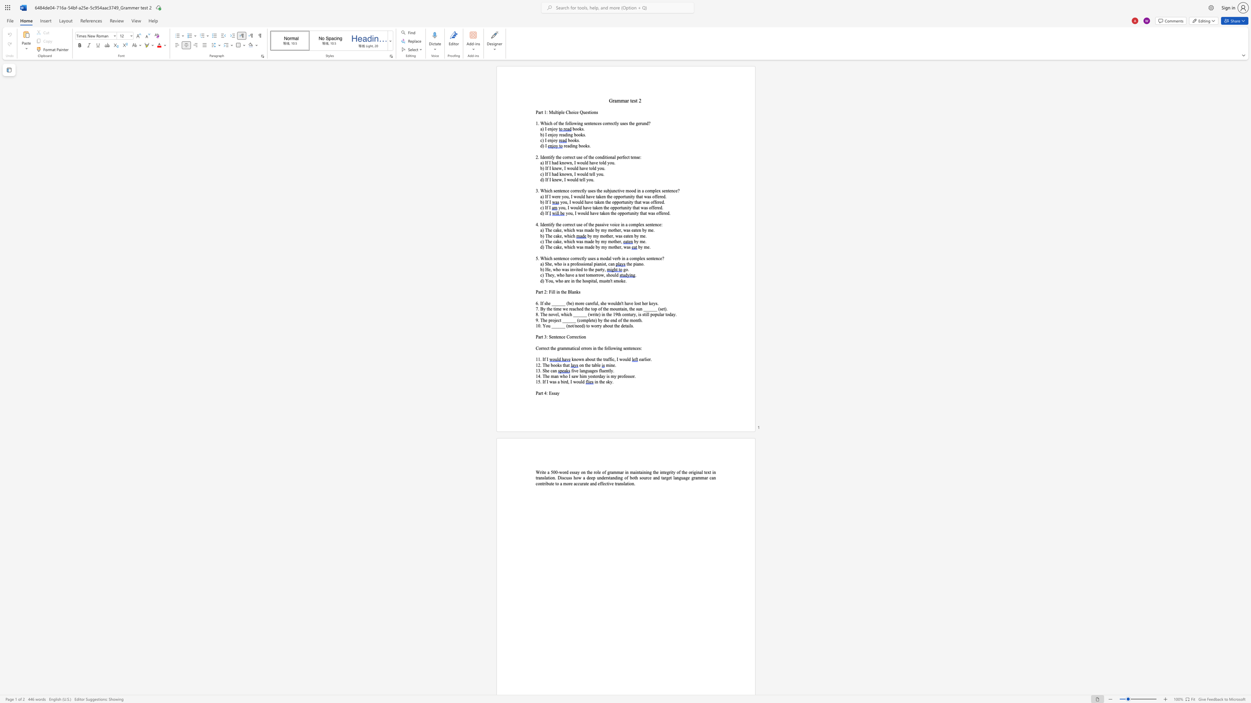 The width and height of the screenshot is (1251, 703). Describe the element at coordinates (575, 259) in the screenshot. I see `the subset text "rec" within the text "5. Which sentence correctly uses a modal verb in a complex sentence?"` at that location.